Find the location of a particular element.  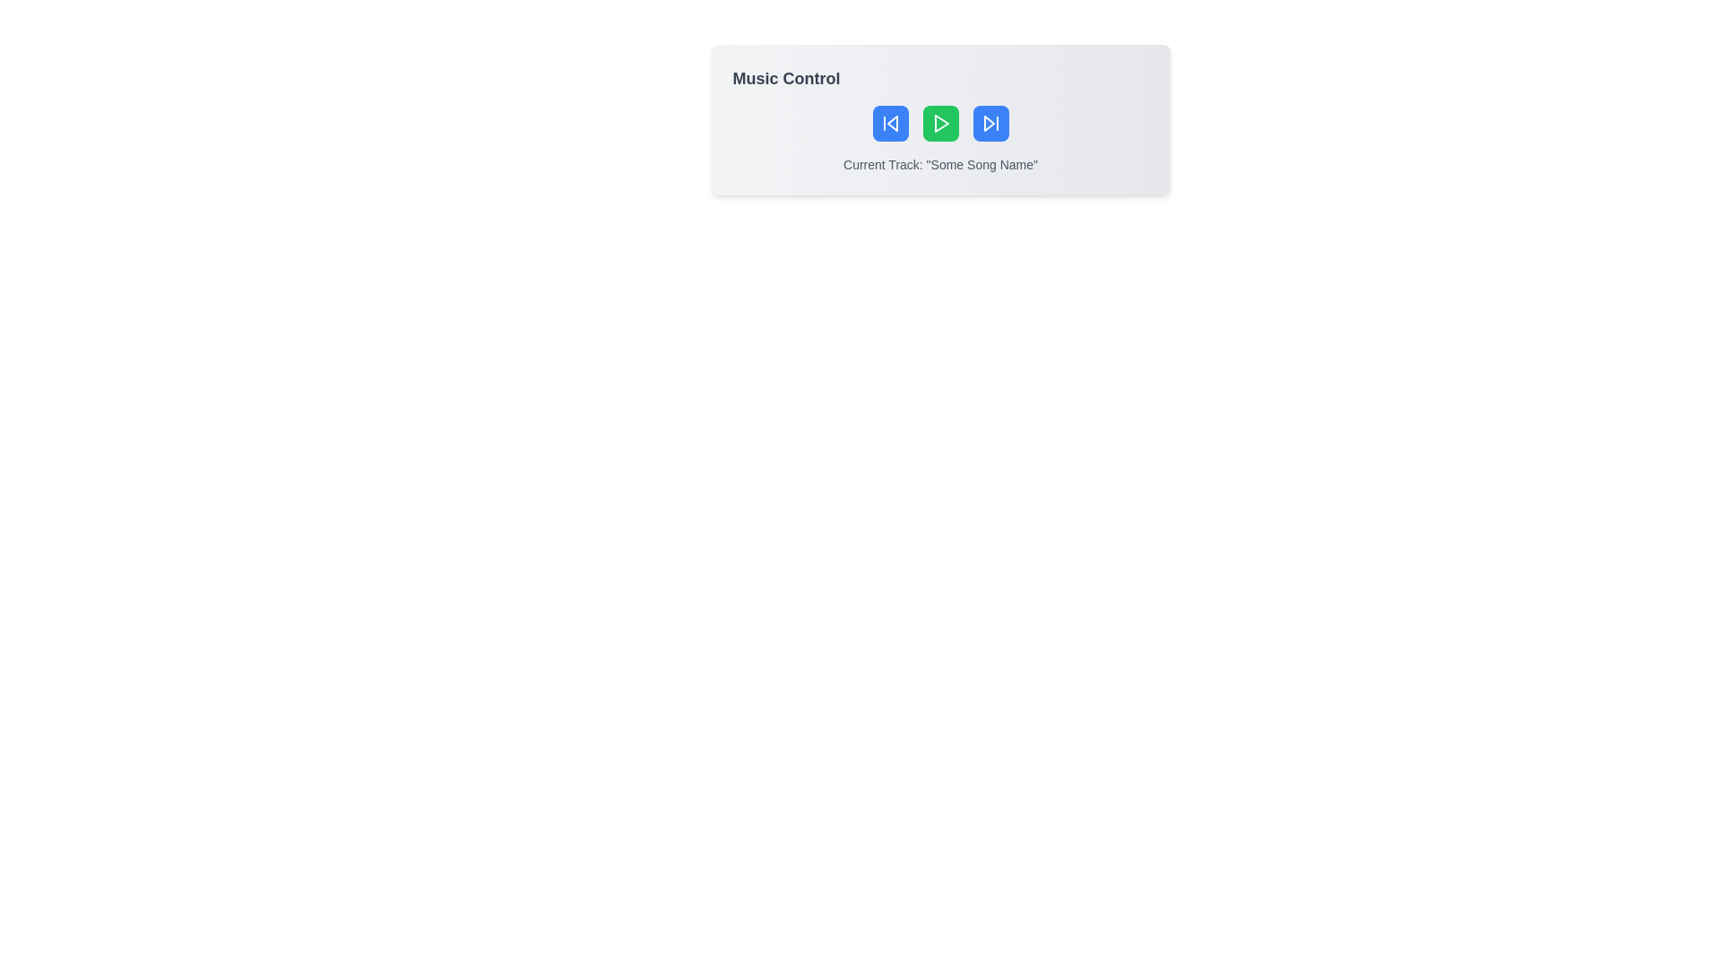

the triangular play button within the green circular background in the 'Music Control' panel to play or pause the track is located at coordinates (940, 123).